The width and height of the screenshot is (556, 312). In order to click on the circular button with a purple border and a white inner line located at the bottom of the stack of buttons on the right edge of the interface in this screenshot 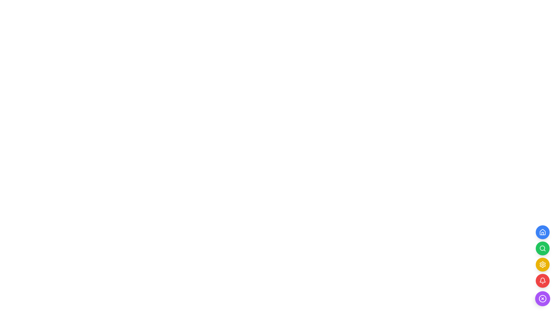, I will do `click(542, 298)`.